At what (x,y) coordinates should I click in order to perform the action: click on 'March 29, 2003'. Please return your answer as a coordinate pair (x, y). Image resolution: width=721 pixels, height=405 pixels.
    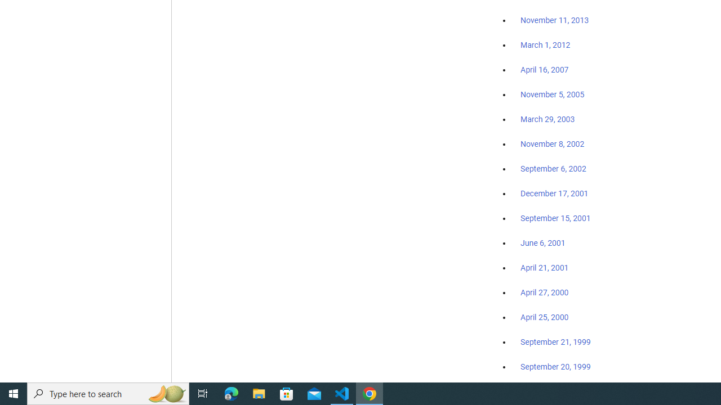
    Looking at the image, I should click on (548, 119).